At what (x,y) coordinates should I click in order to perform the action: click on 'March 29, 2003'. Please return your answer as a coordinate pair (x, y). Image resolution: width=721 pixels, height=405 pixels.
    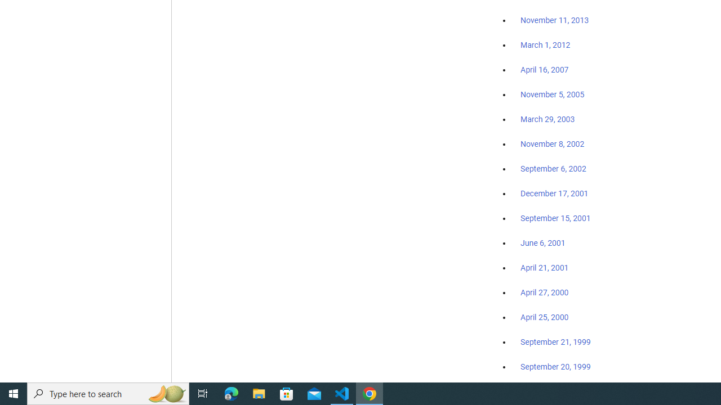
    Looking at the image, I should click on (548, 119).